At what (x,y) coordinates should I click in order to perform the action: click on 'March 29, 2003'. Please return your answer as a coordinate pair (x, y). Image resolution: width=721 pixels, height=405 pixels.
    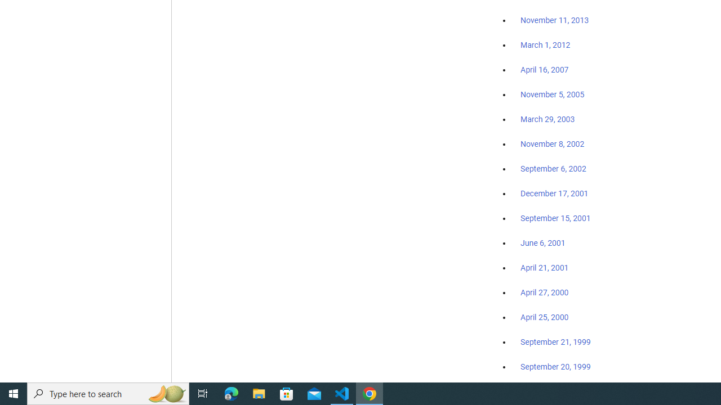
    Looking at the image, I should click on (548, 119).